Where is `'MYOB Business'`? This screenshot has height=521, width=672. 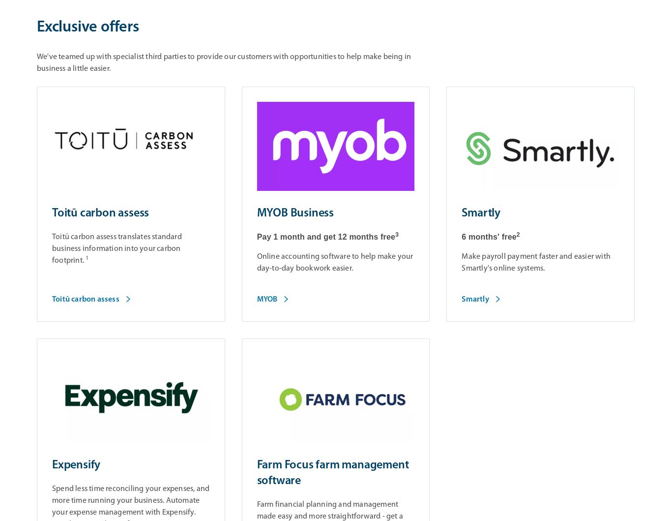
'MYOB Business' is located at coordinates (295, 213).